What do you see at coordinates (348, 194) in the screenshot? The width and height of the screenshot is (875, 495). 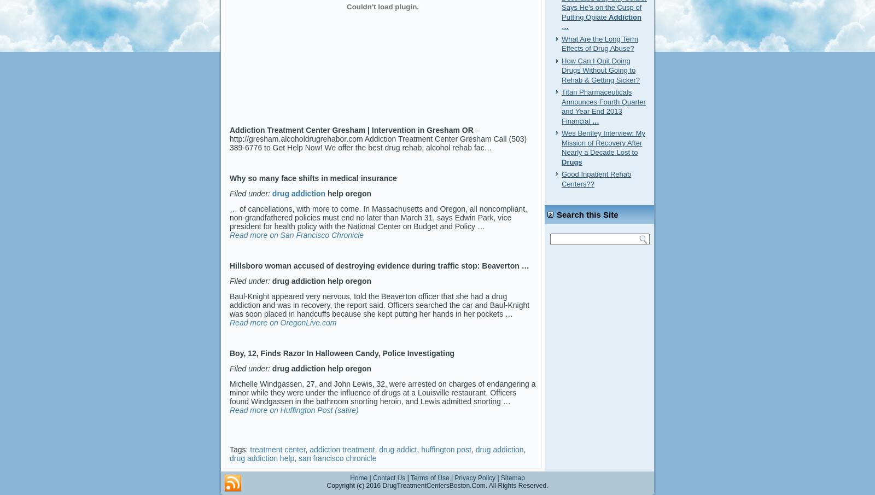 I see `'help oregon'` at bounding box center [348, 194].